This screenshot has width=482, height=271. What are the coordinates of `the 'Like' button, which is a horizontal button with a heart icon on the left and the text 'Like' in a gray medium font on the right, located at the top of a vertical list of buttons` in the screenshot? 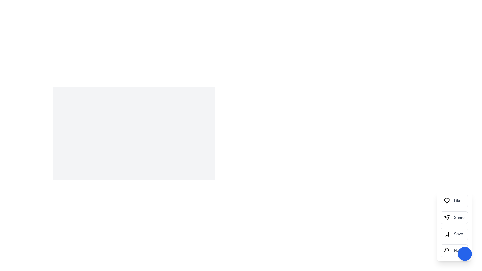 It's located at (454, 201).